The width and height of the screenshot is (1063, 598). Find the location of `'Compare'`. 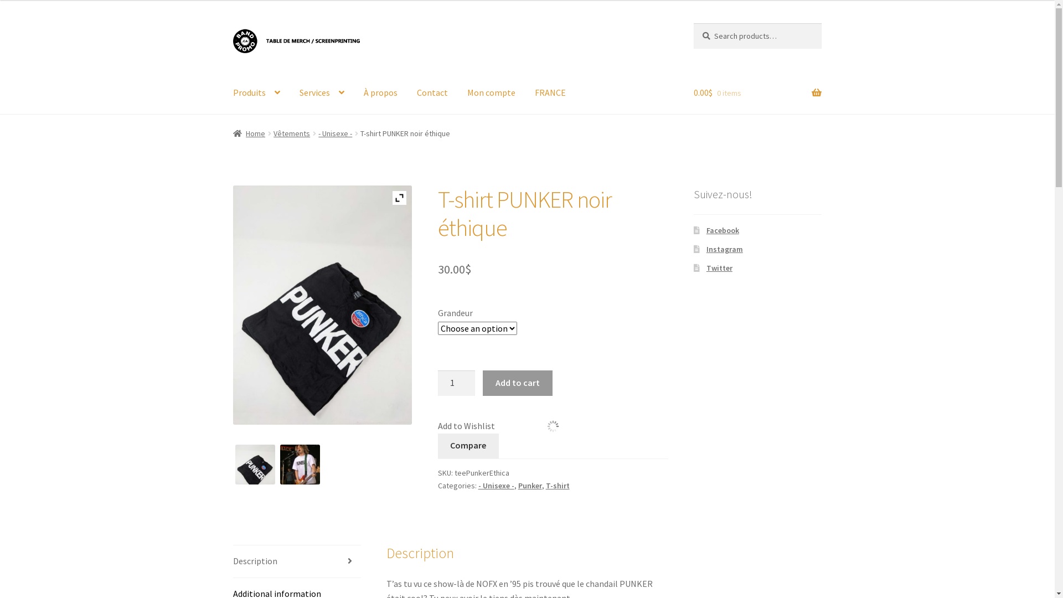

'Compare' is located at coordinates (468, 446).